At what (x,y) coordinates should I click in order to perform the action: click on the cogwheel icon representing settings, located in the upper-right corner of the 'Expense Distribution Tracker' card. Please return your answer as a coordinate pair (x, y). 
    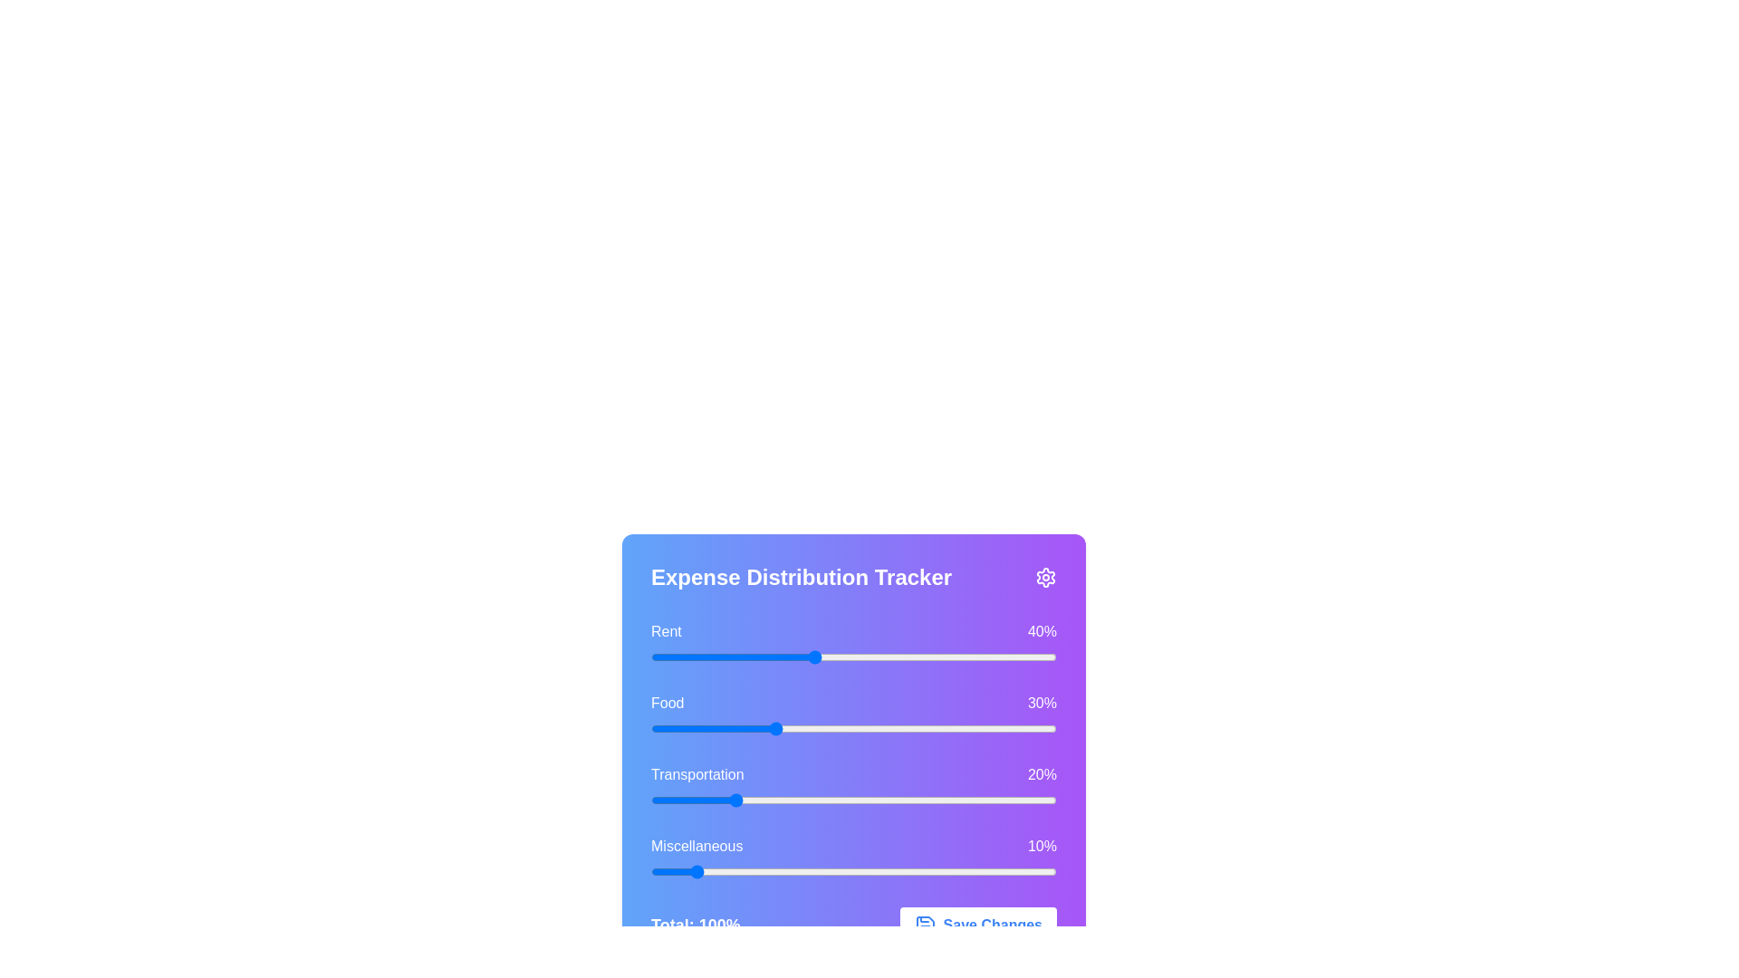
    Looking at the image, I should click on (1046, 577).